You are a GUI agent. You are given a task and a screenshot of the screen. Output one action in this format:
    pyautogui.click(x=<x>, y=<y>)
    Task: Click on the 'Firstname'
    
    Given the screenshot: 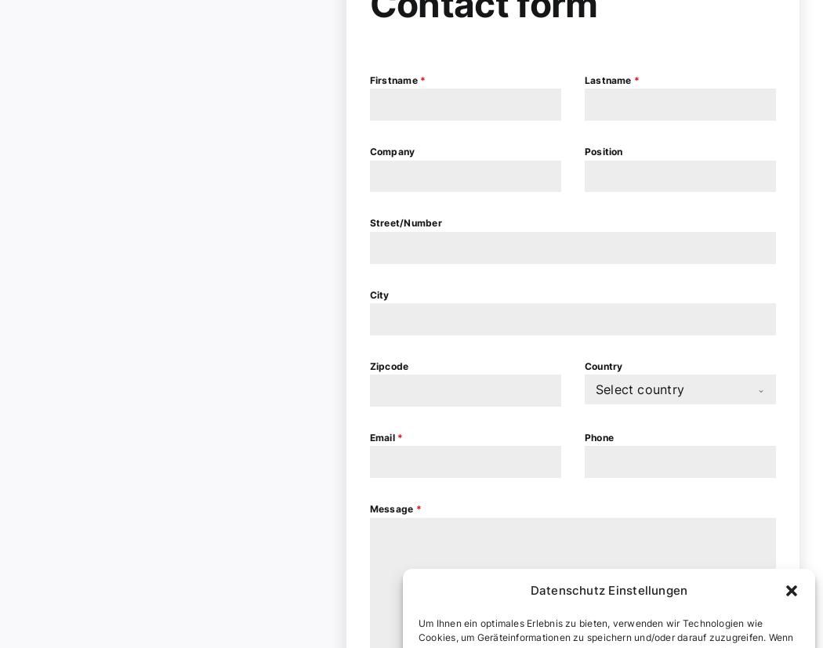 What is the action you would take?
    pyautogui.click(x=369, y=79)
    